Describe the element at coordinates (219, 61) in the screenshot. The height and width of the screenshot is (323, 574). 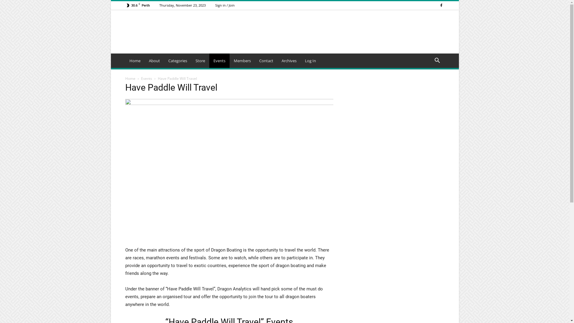
I see `'Events'` at that location.